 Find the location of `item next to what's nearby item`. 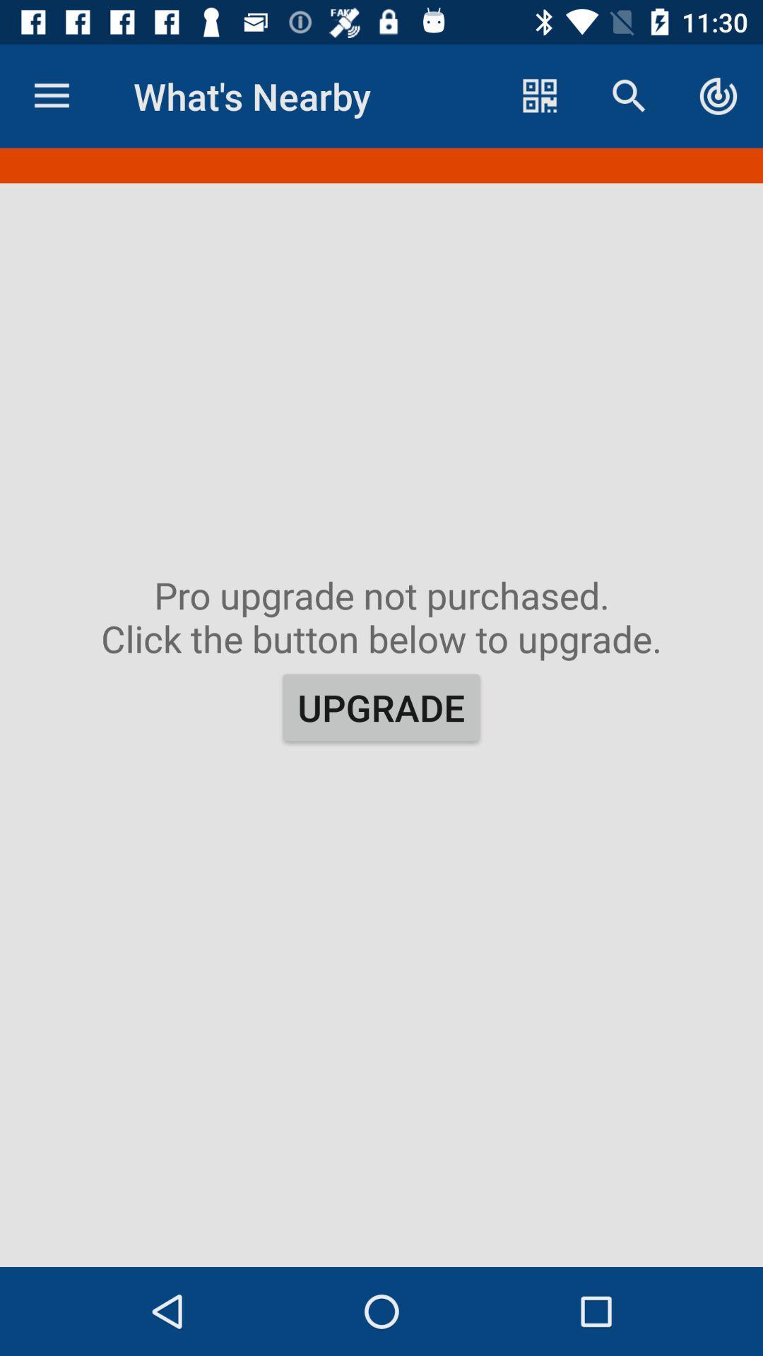

item next to what's nearby item is located at coordinates (51, 95).